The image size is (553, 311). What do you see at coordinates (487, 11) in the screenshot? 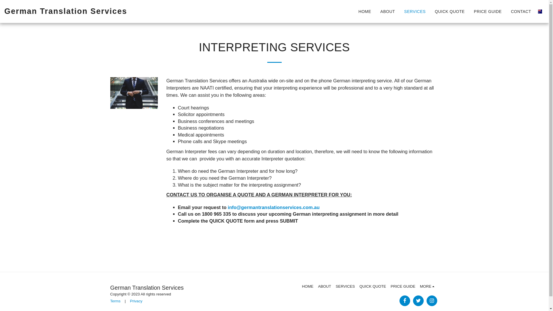
I see `'PRICE GUIDE'` at bounding box center [487, 11].